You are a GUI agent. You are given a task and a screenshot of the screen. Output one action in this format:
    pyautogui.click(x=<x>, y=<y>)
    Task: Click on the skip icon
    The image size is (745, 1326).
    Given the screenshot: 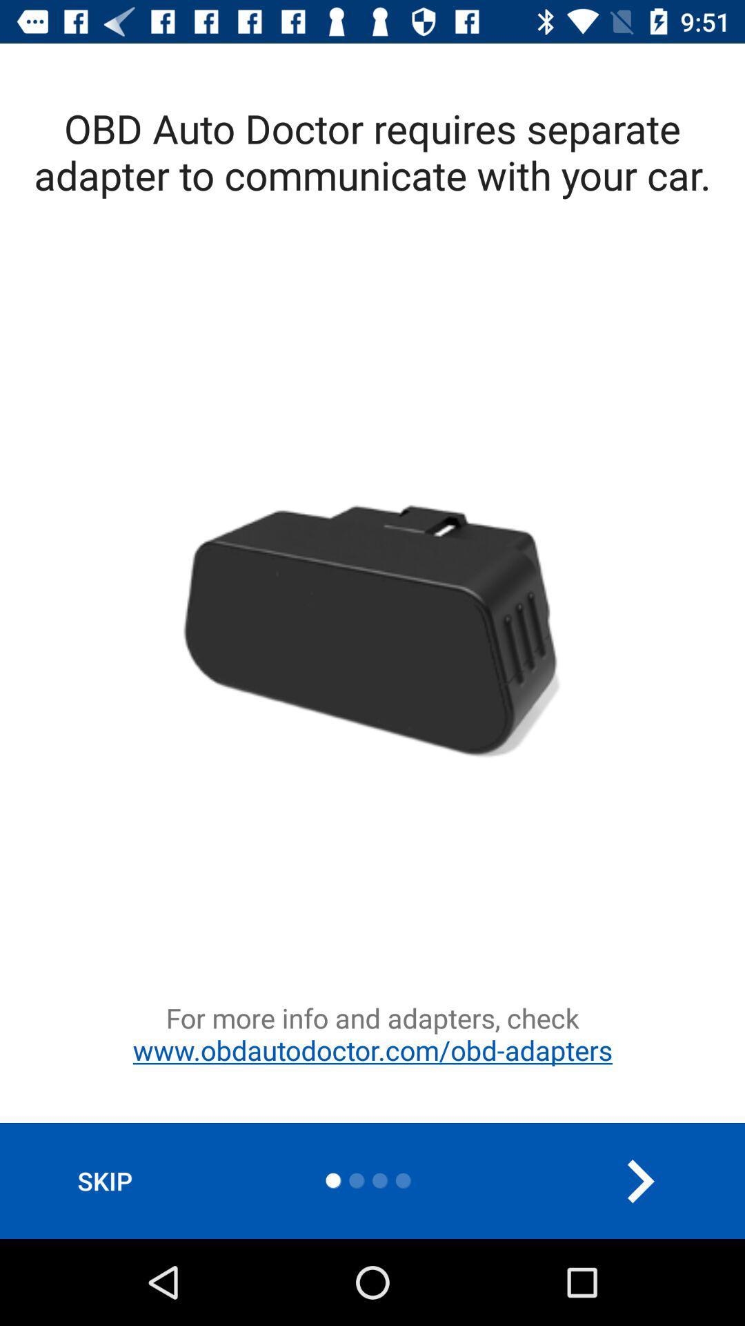 What is the action you would take?
    pyautogui.click(x=104, y=1180)
    